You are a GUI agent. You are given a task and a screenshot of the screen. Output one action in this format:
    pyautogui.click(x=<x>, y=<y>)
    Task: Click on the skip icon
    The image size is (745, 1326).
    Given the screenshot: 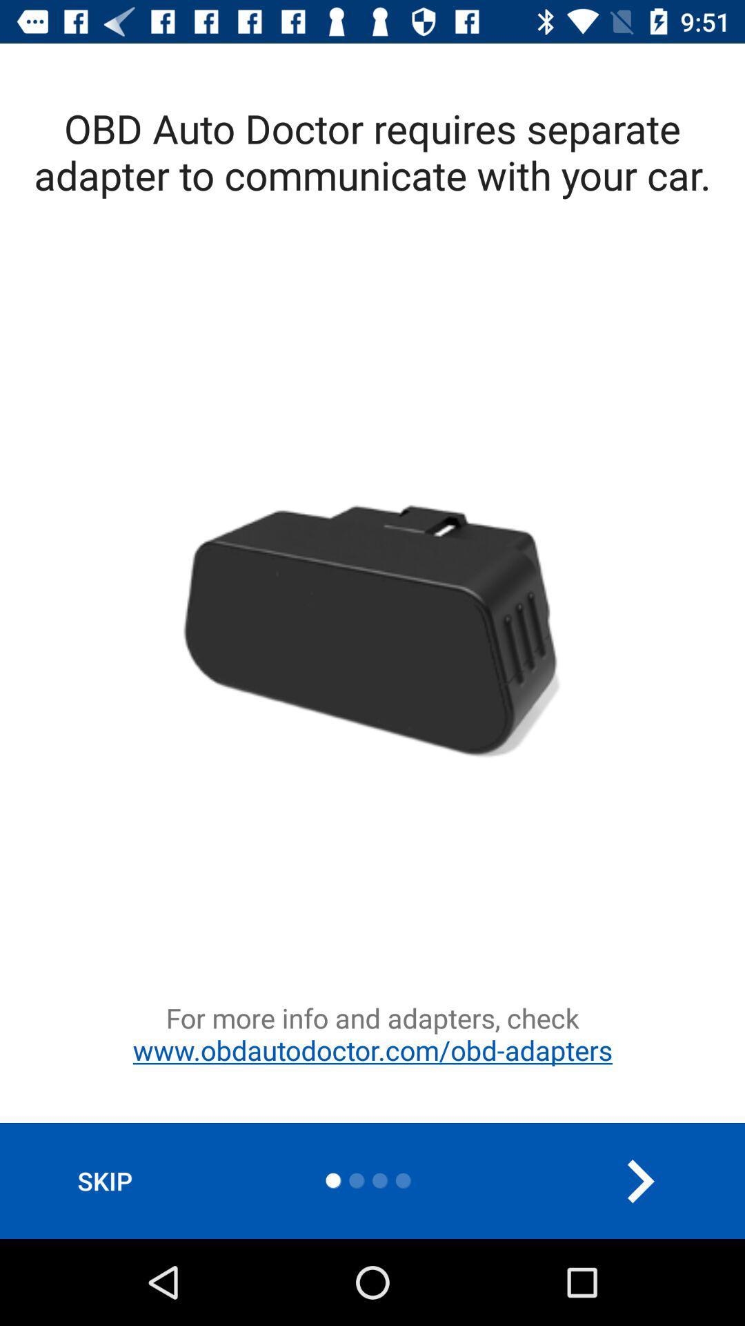 What is the action you would take?
    pyautogui.click(x=104, y=1180)
    